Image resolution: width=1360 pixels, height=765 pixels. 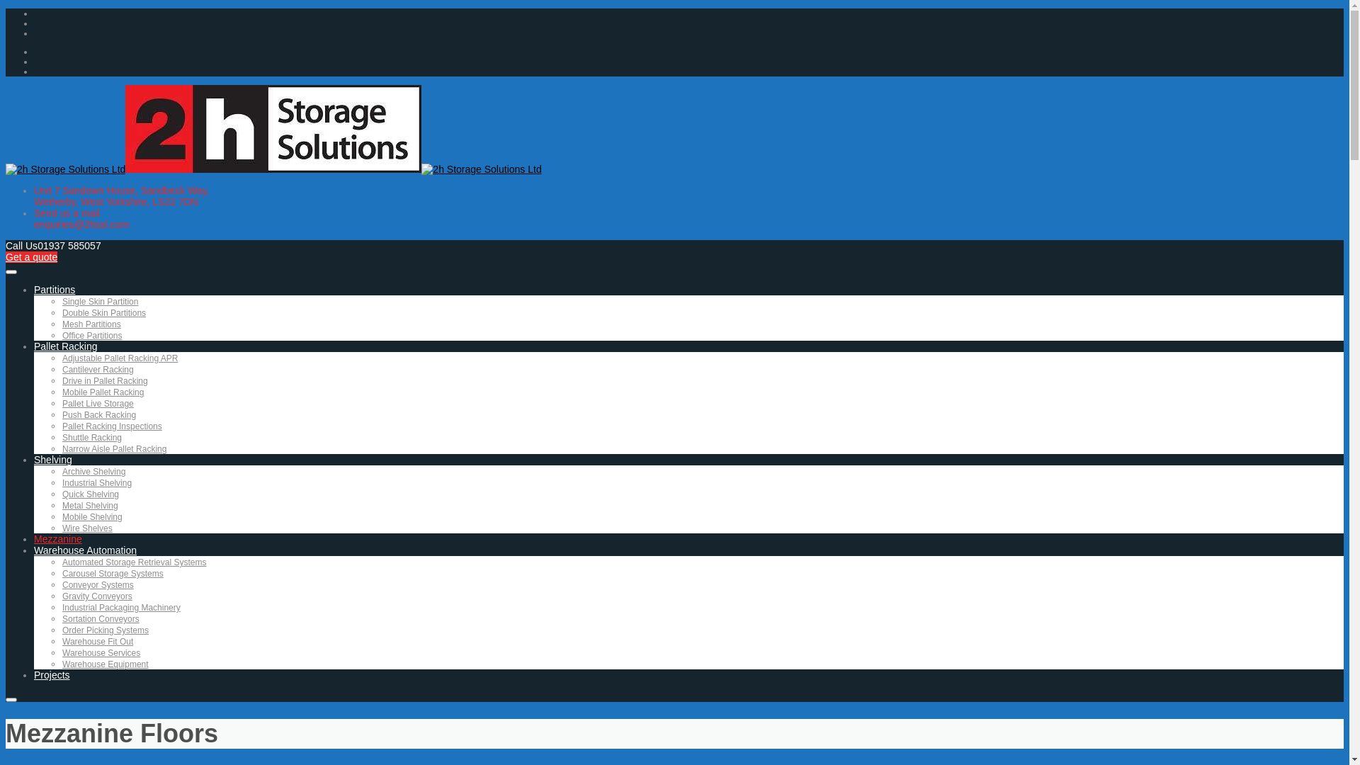 I want to click on 'Double Skin Partitions', so click(x=103, y=312).